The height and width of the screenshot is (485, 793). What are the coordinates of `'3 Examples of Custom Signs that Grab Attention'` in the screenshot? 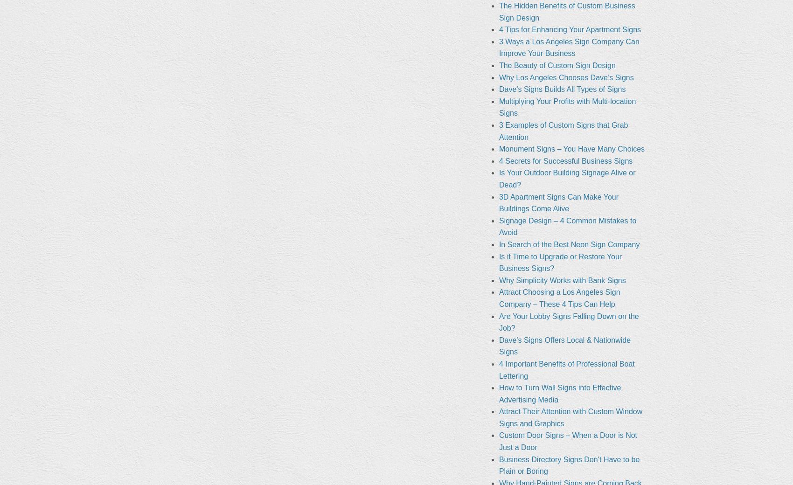 It's located at (498, 131).